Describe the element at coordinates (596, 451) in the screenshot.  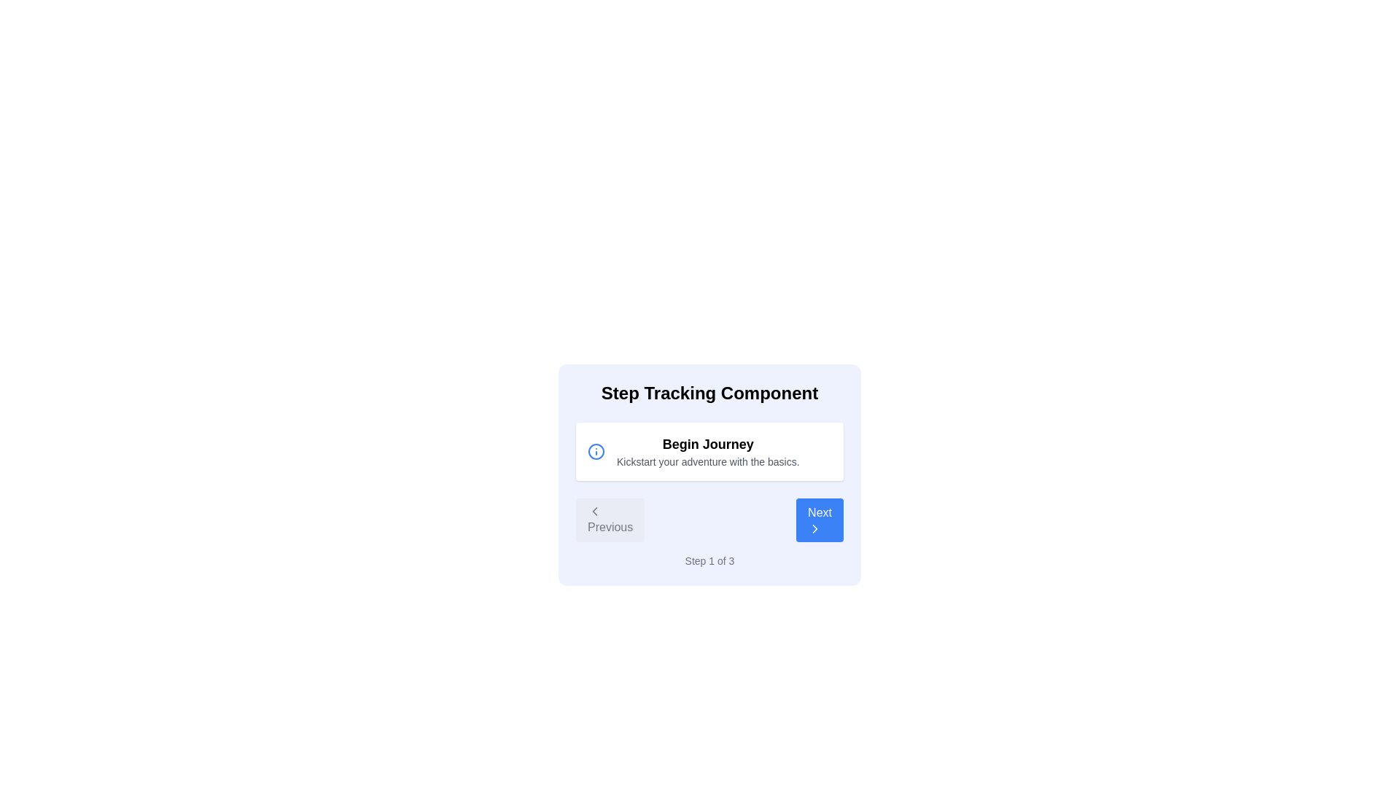
I see `the SVG circle with a blue outline that is part of the icon to the left of the text 'Begin Journey'` at that location.